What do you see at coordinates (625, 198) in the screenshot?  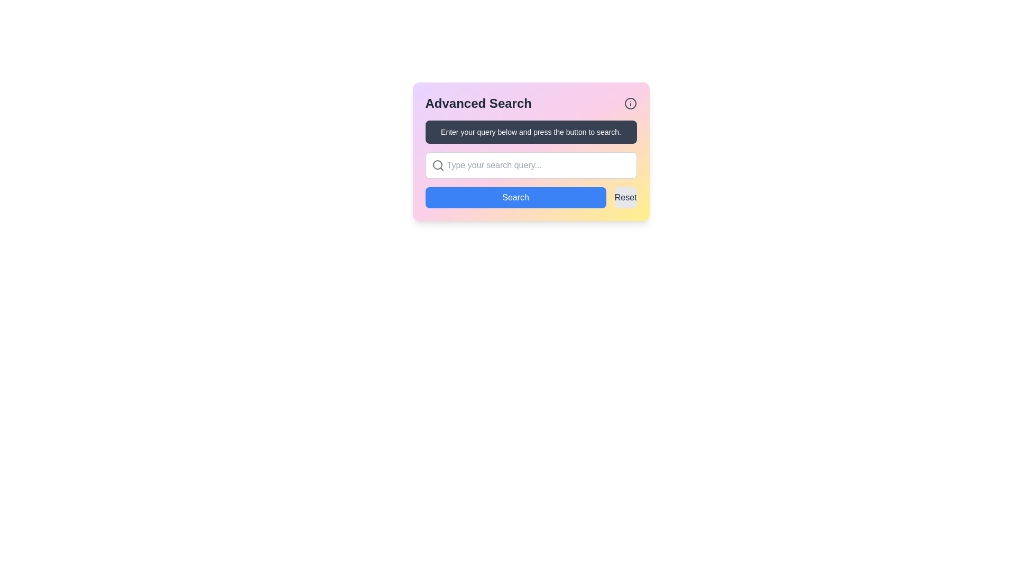 I see `the reset button located at the bottom right of the advanced search panel` at bounding box center [625, 198].